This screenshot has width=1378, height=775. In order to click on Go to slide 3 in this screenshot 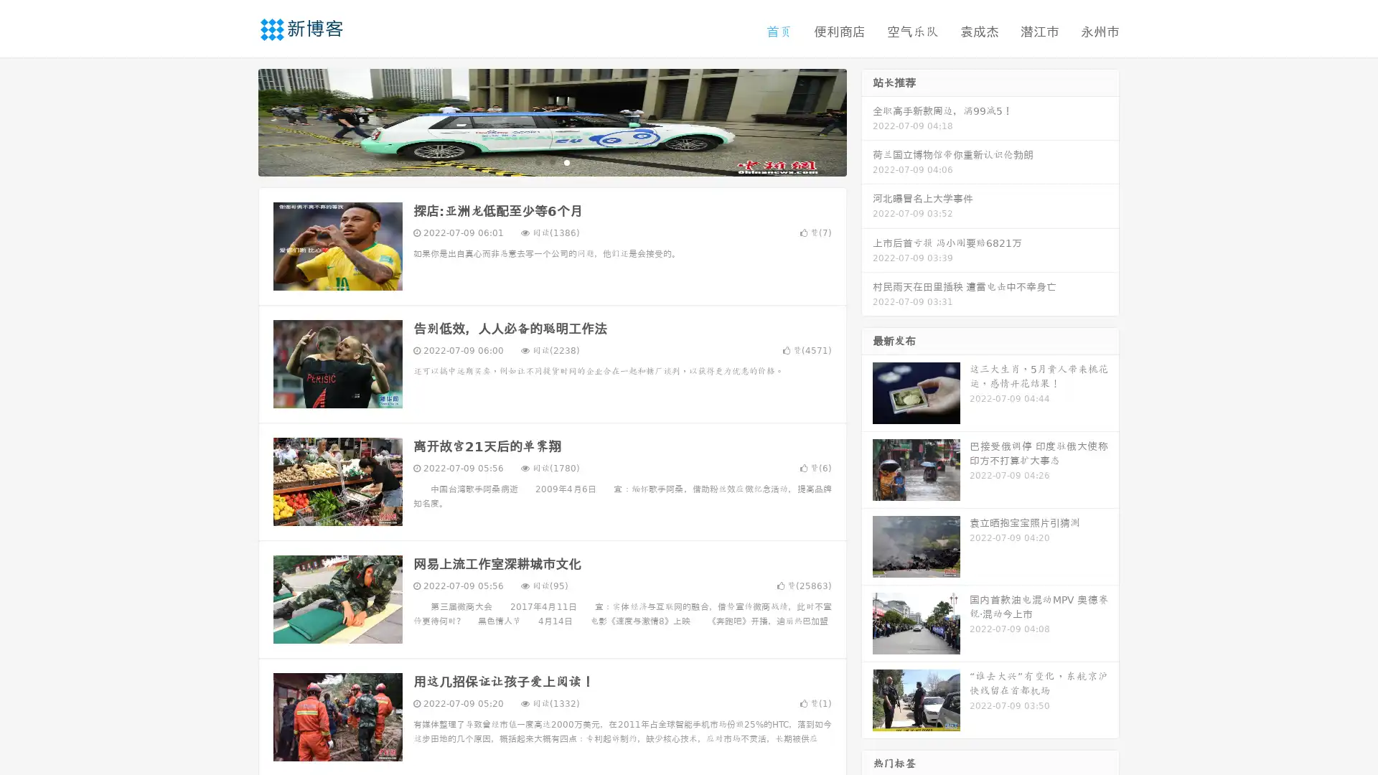, I will do `click(566, 161)`.